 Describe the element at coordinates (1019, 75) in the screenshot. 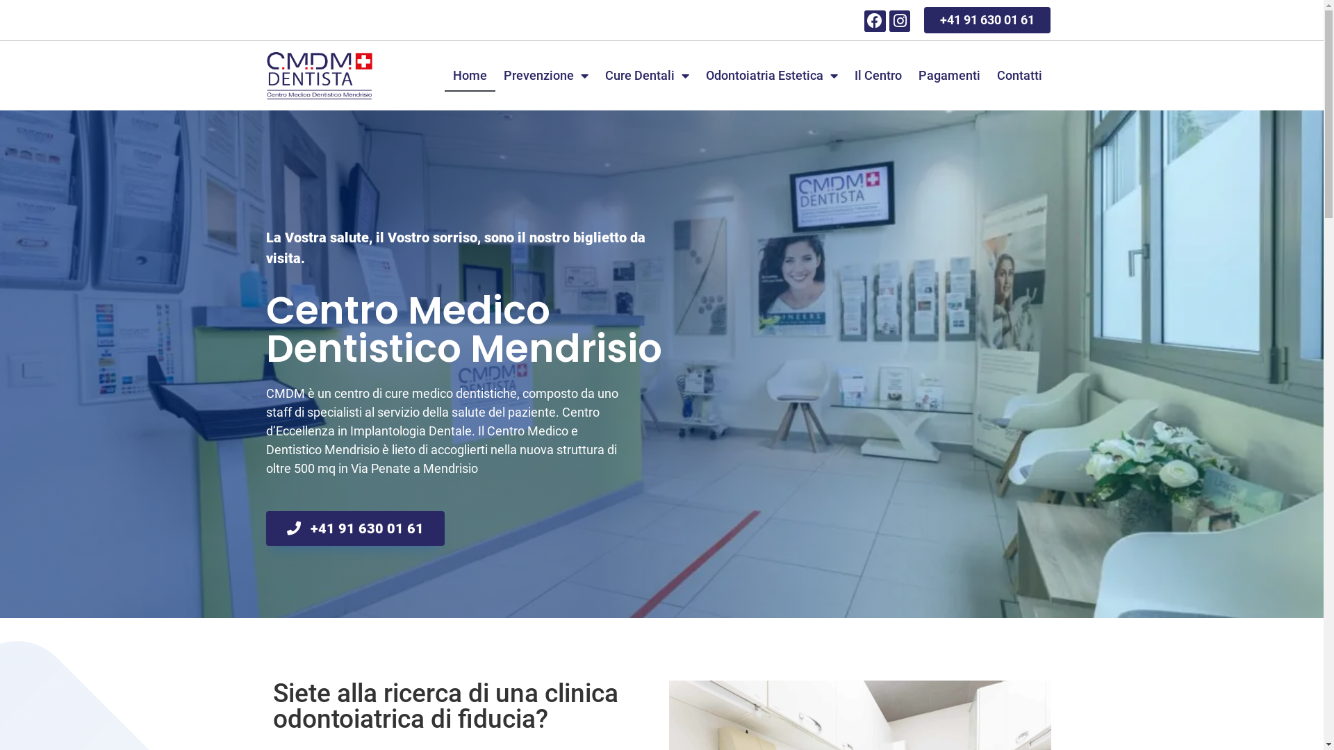

I see `'Contatti'` at that location.